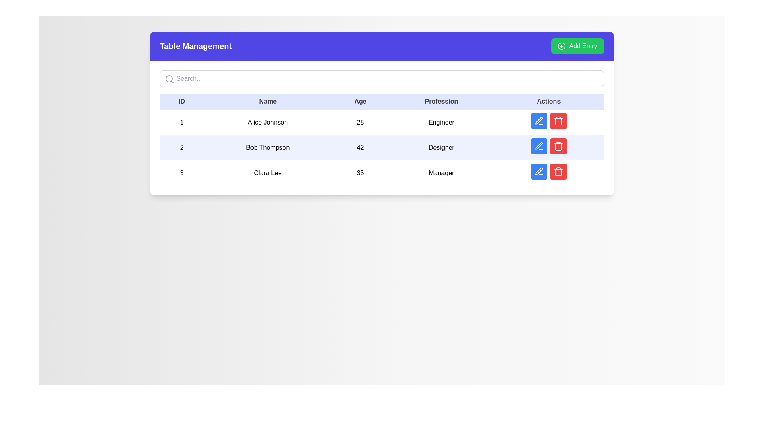 The width and height of the screenshot is (772, 434). I want to click on the static text label displaying 'Engineer' in the grid-like table structure for user 'Alice Johnson', so click(441, 122).